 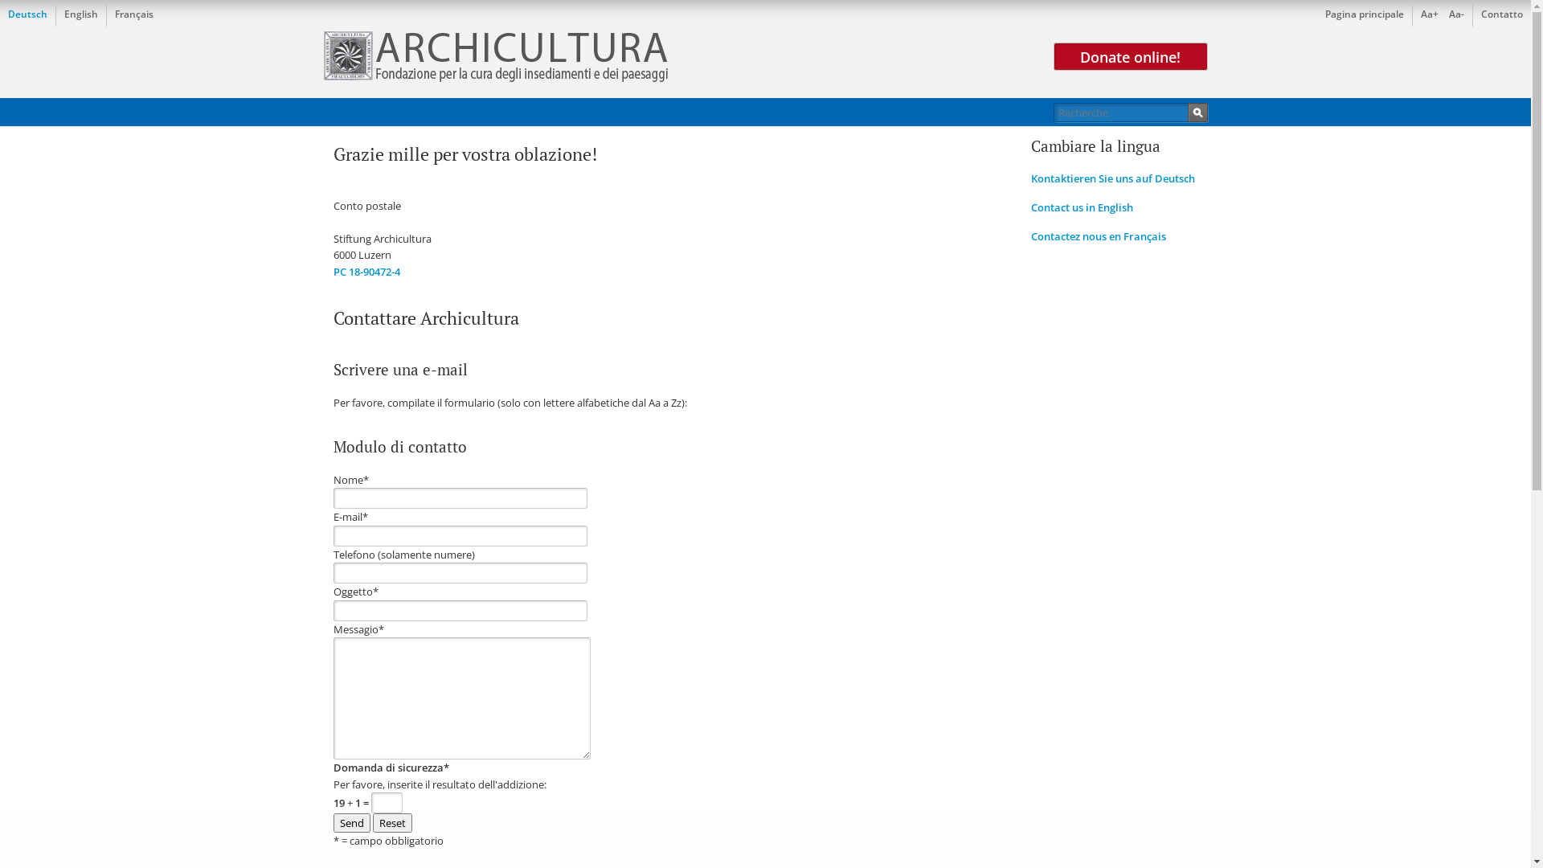 I want to click on 'Send', so click(x=350, y=822).